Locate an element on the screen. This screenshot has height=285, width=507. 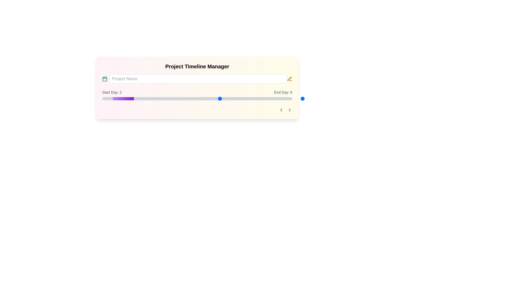
the right-facing Chevron icon located at the far right edge of the timeline interface is located at coordinates (289, 110).